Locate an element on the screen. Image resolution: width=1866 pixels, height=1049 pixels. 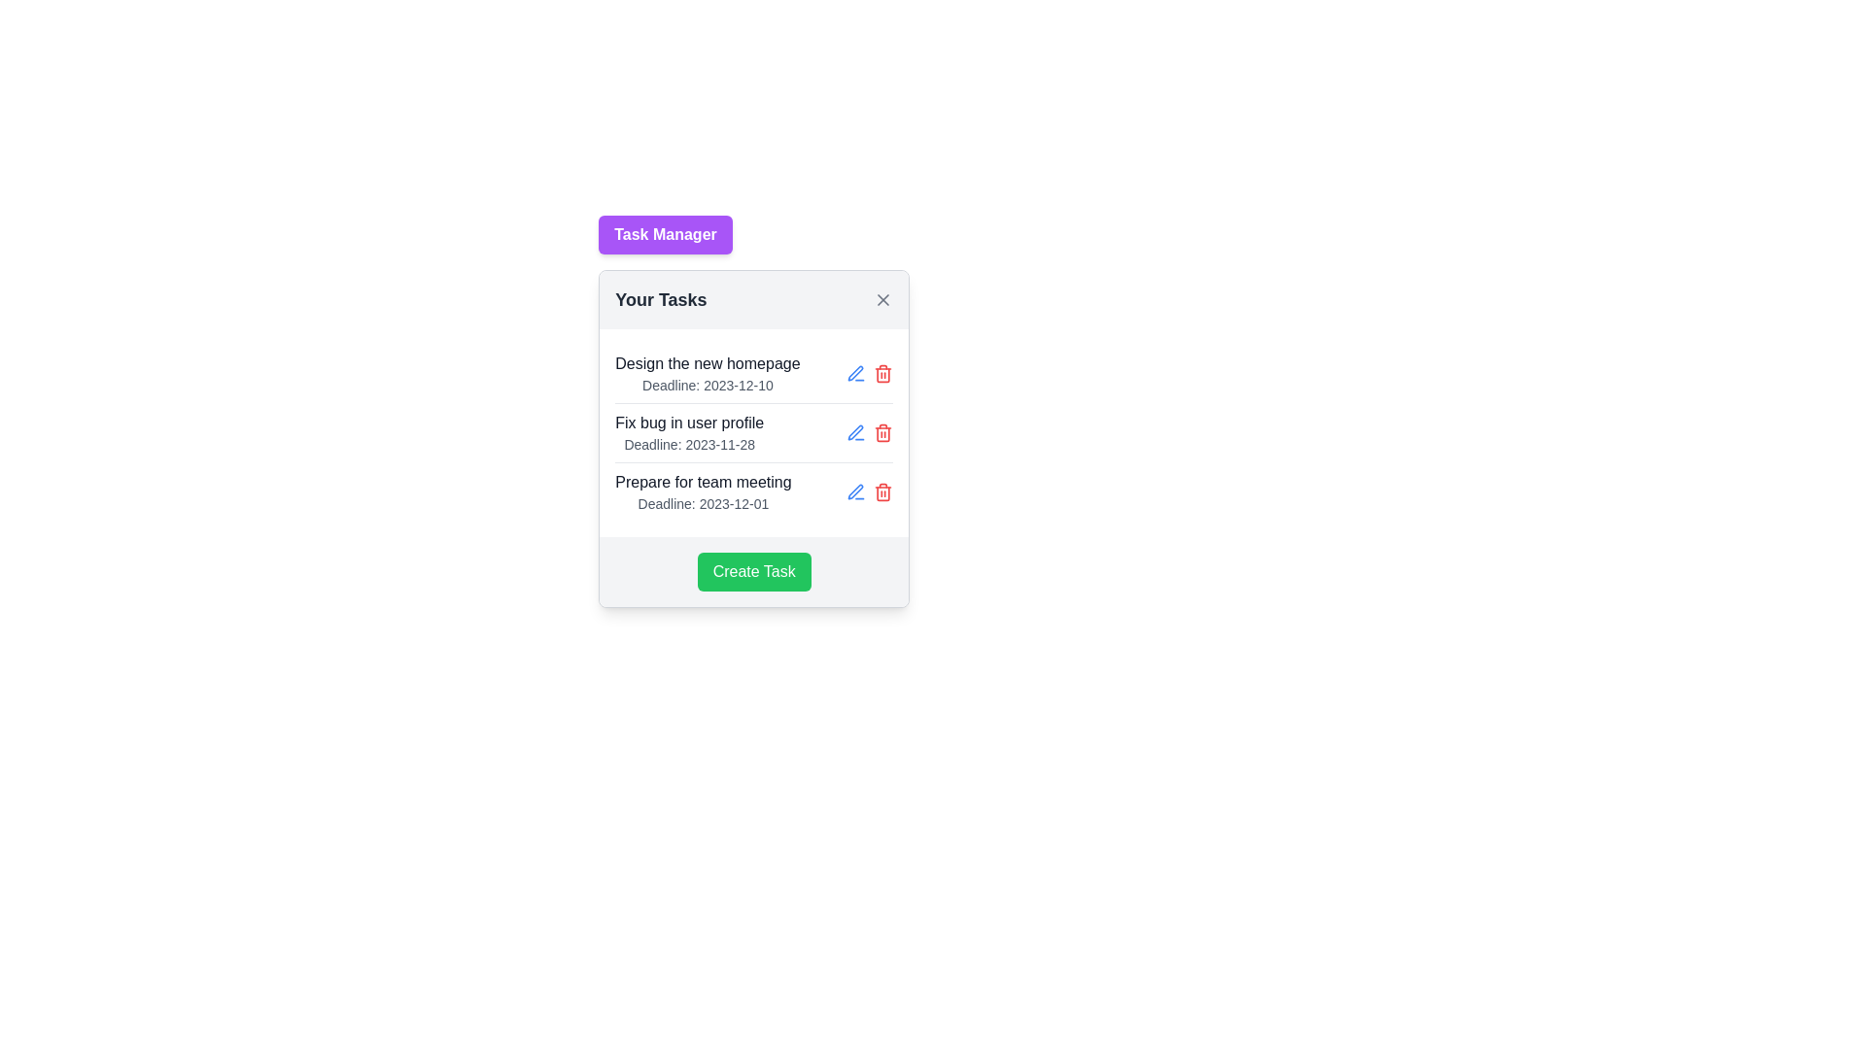
the 'Create Task' button with a green background and white text to observe the hover effect is located at coordinates (753, 571).